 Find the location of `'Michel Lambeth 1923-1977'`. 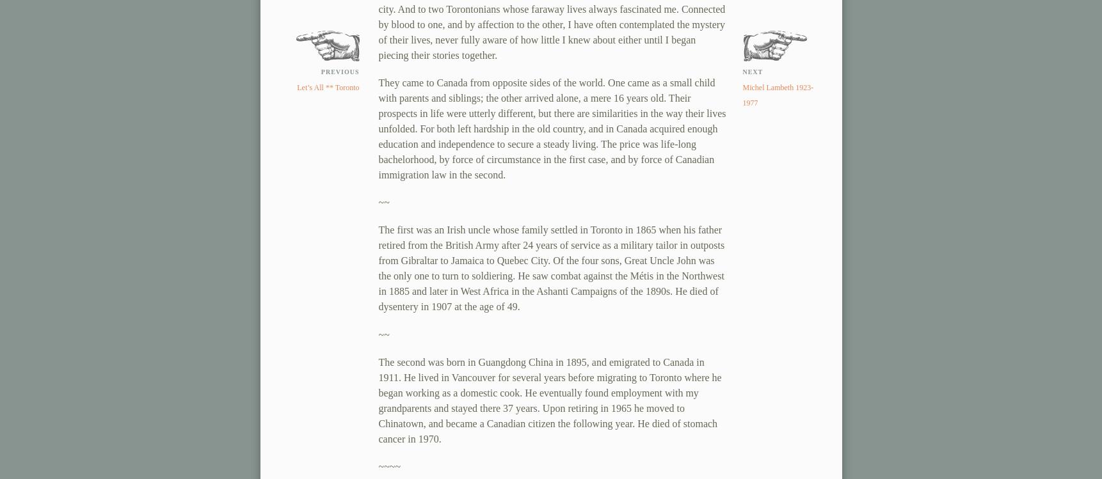

'Michel Lambeth 1923-1977' is located at coordinates (777, 95).